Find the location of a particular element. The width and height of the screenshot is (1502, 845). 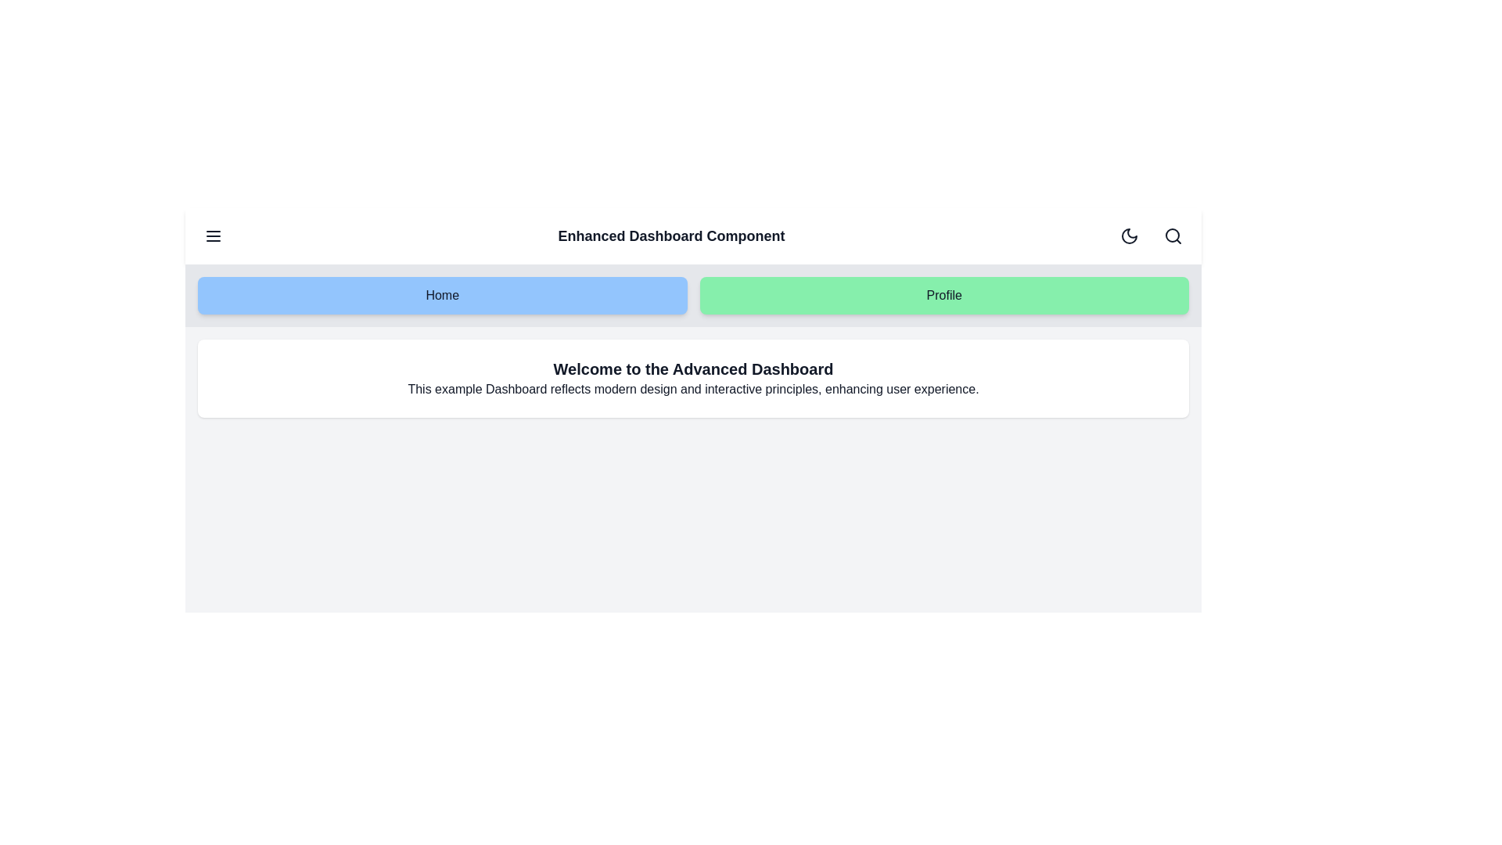

the menu button to toggle the menu visibility is located at coordinates (213, 236).